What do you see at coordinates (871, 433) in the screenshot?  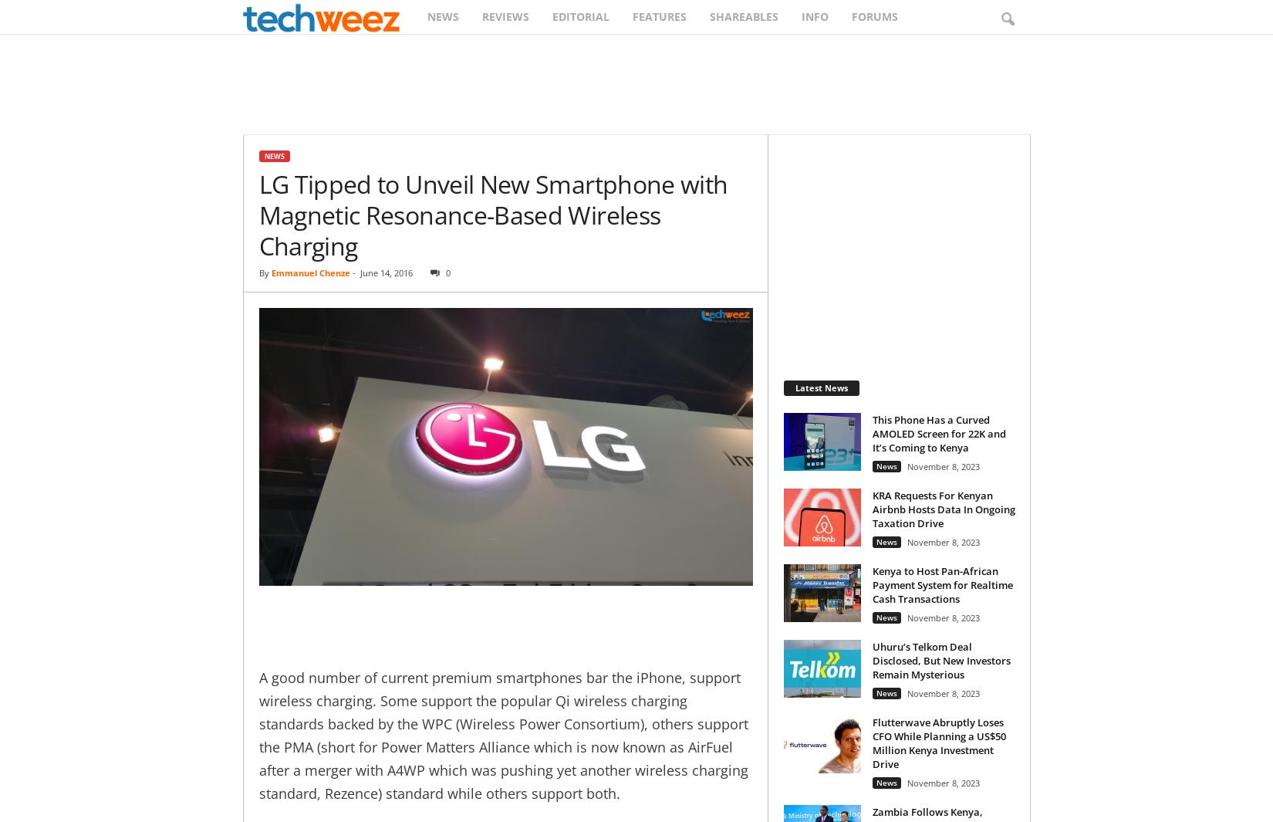 I see `'This Phone Has a Curved AMOLED Screen for 22K and It’s Coming to Kenya'` at bounding box center [871, 433].